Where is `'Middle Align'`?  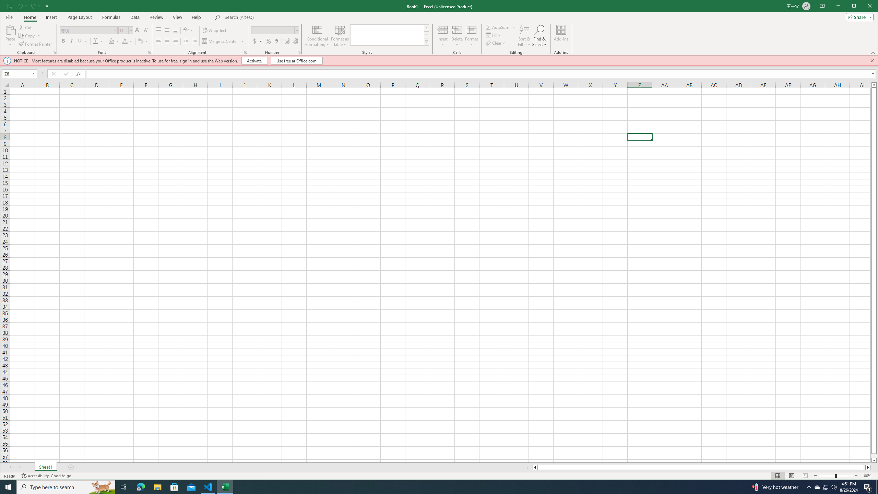
'Middle Align' is located at coordinates (167, 30).